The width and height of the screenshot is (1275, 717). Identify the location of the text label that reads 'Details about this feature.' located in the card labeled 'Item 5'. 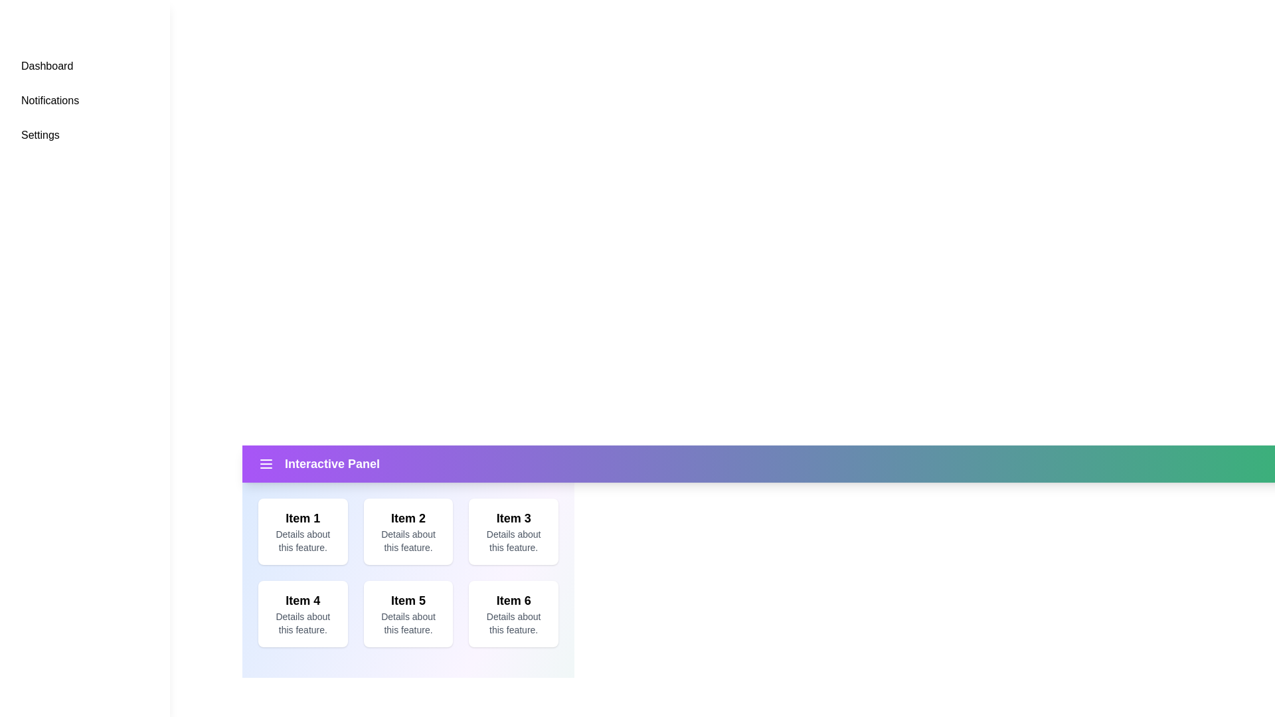
(407, 623).